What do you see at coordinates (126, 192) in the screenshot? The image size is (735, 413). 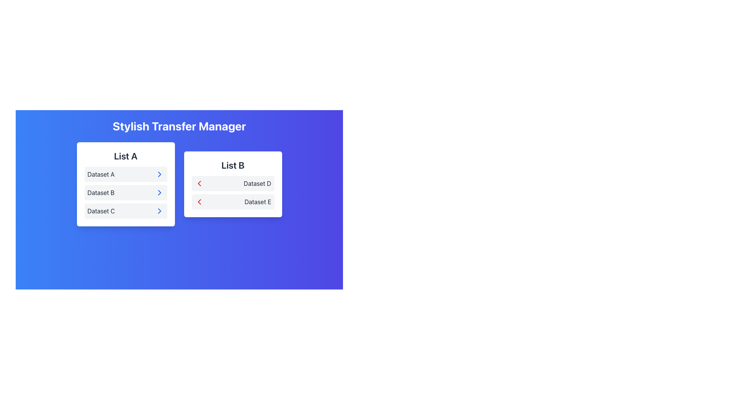 I see `the second item in 'List A' representing 'Dataset B'` at bounding box center [126, 192].